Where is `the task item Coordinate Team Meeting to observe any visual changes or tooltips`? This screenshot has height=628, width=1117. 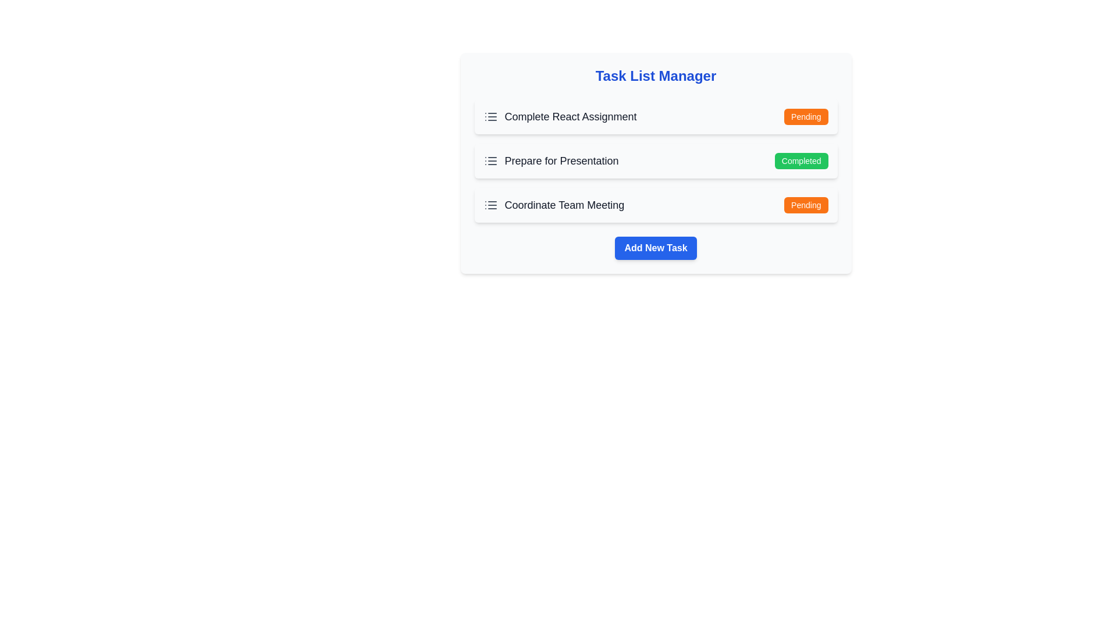 the task item Coordinate Team Meeting to observe any visual changes or tooltips is located at coordinates (553, 205).